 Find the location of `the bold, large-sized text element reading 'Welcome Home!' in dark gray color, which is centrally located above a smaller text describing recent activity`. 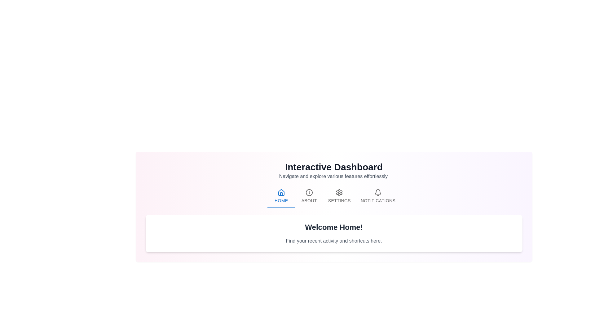

the bold, large-sized text element reading 'Welcome Home!' in dark gray color, which is centrally located above a smaller text describing recent activity is located at coordinates (333, 227).